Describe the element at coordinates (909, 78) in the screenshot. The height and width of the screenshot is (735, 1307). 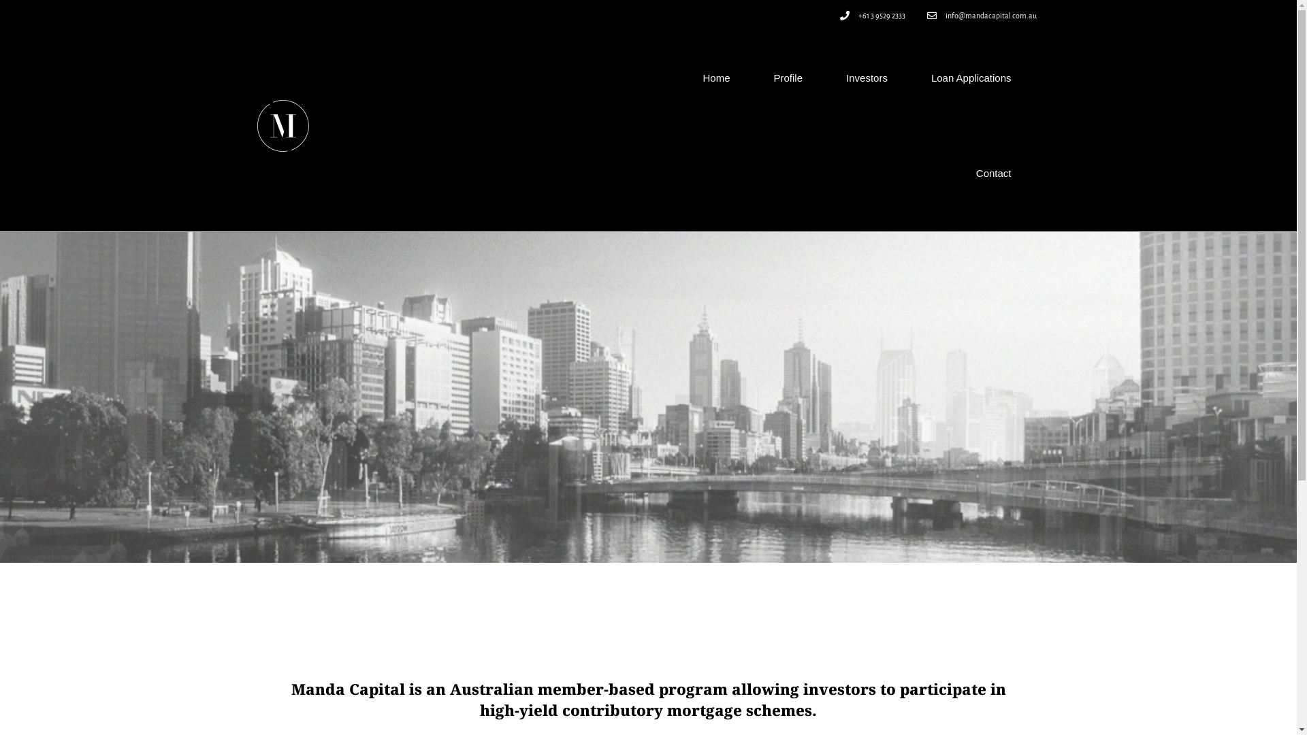
I see `'Loan Applications'` at that location.